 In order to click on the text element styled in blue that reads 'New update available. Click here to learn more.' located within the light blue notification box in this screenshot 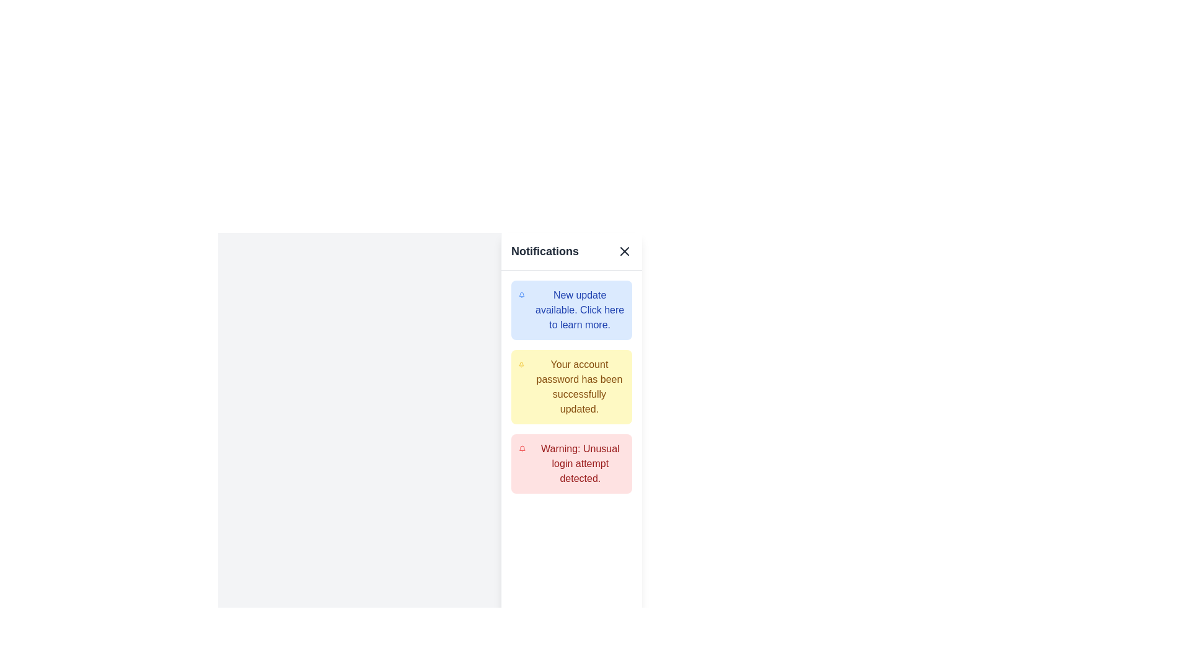, I will do `click(579, 310)`.